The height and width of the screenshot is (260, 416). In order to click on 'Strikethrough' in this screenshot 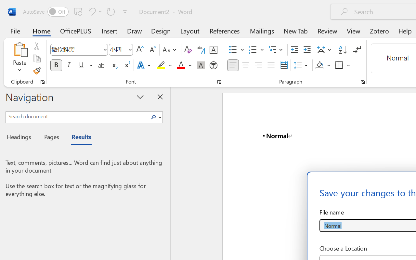, I will do `click(101, 65)`.